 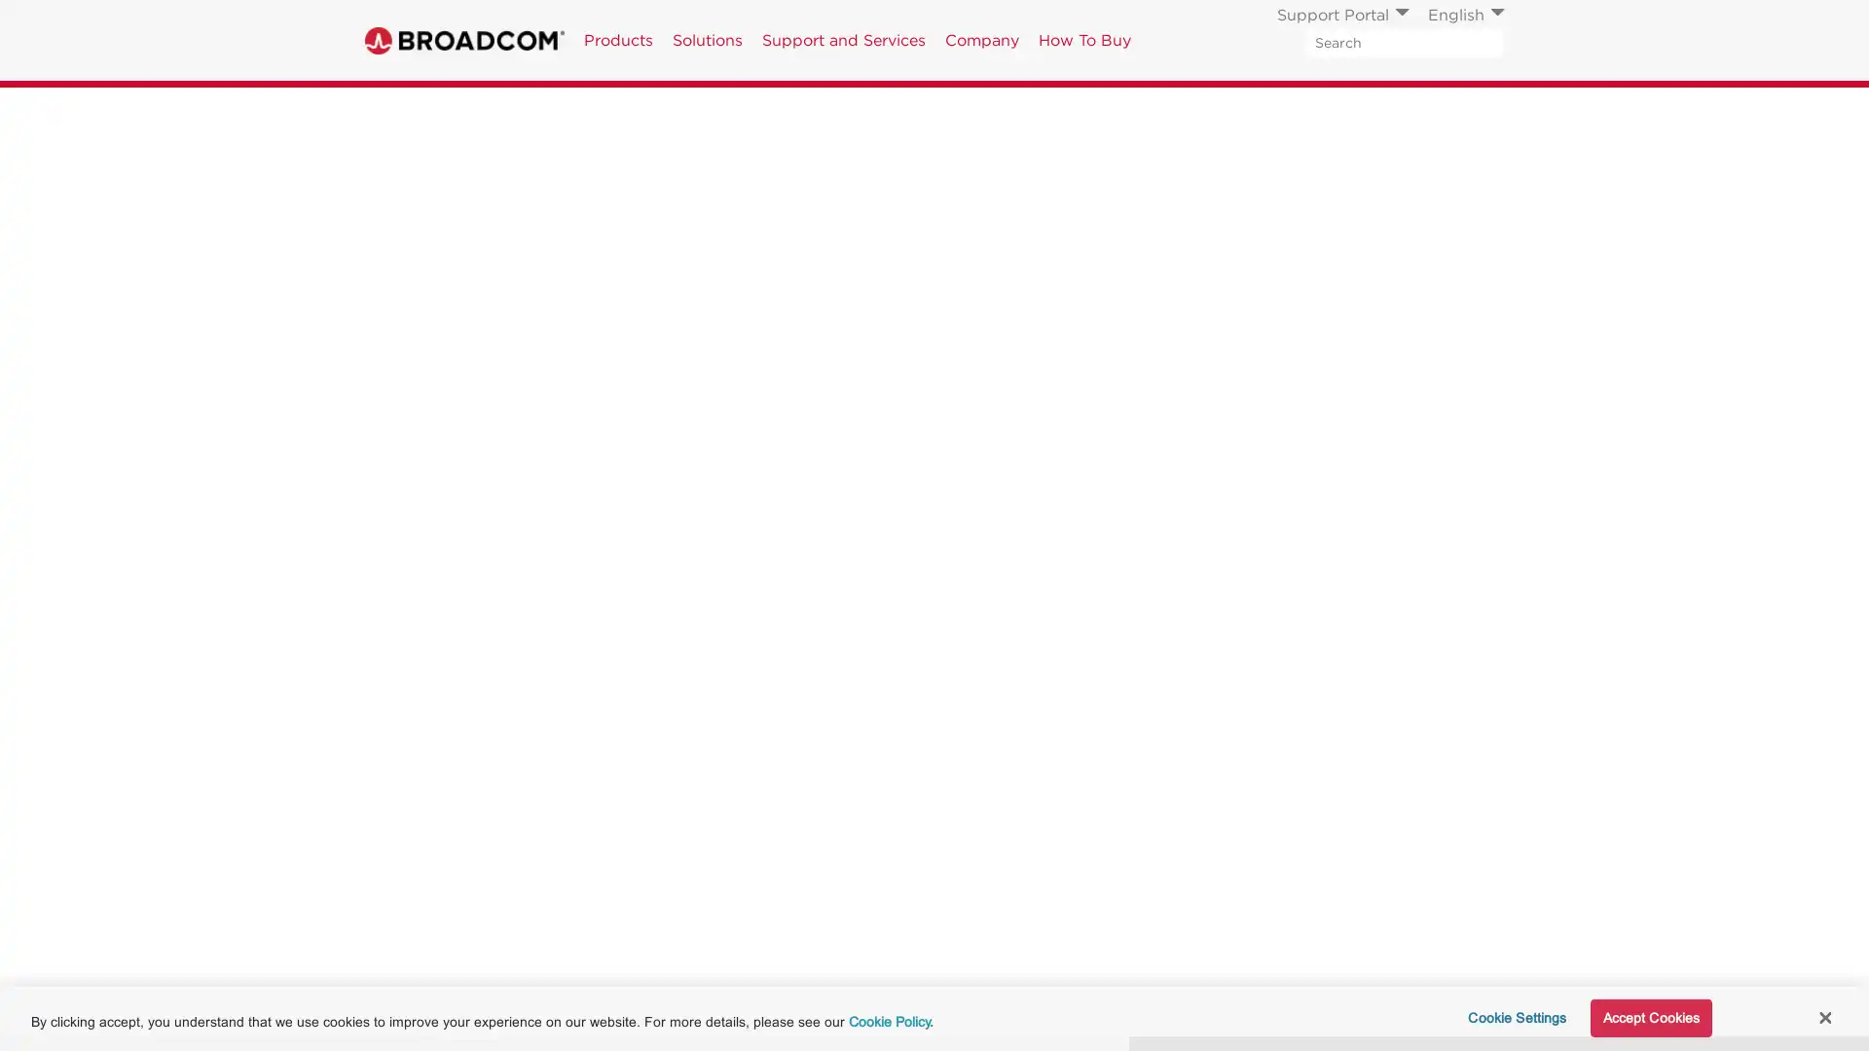 What do you see at coordinates (1649, 1017) in the screenshot?
I see `Accept Cookies` at bounding box center [1649, 1017].